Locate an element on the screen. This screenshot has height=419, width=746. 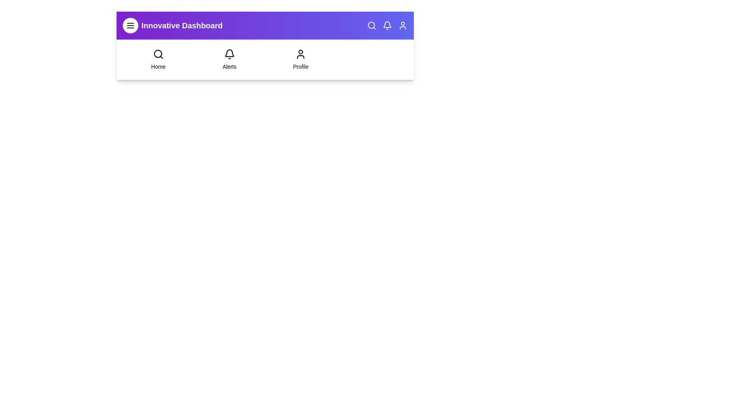
the 'Home' icon to navigate to the home page is located at coordinates (158, 54).